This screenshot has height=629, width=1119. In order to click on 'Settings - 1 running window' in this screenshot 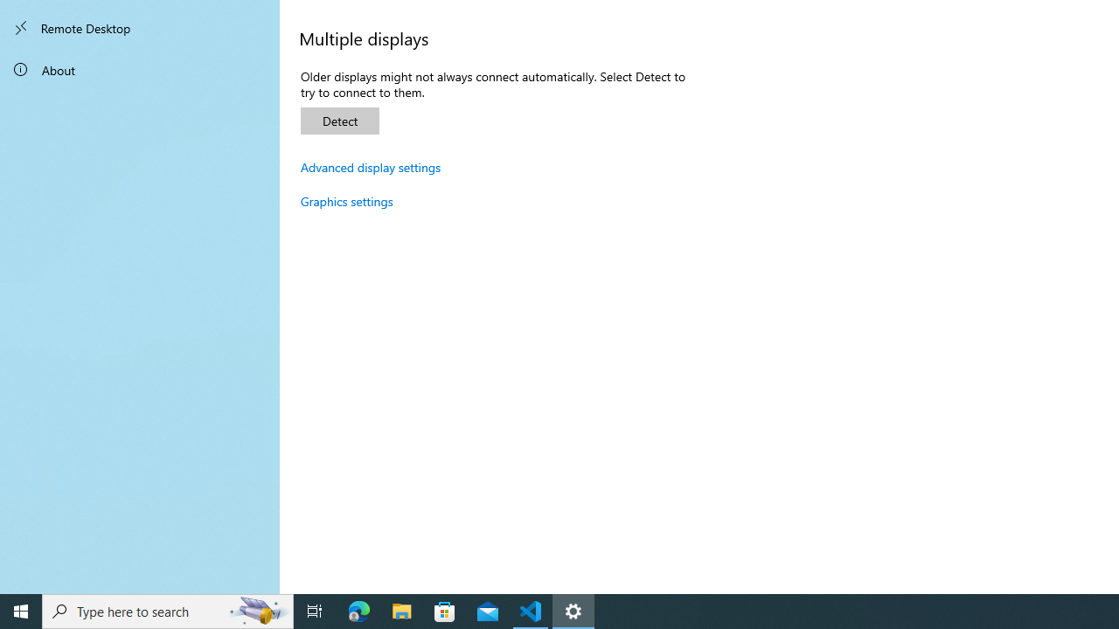, I will do `click(573, 610)`.